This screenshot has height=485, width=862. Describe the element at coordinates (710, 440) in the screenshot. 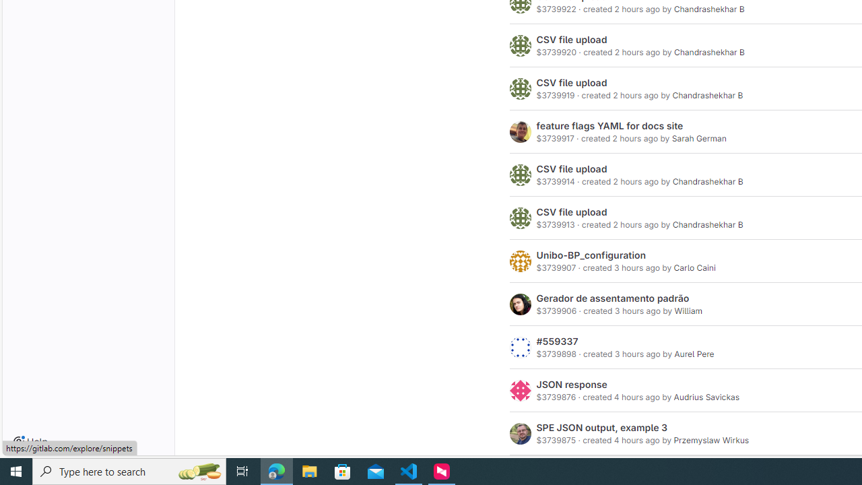

I see `'Przemyslaw Wirkus'` at that location.